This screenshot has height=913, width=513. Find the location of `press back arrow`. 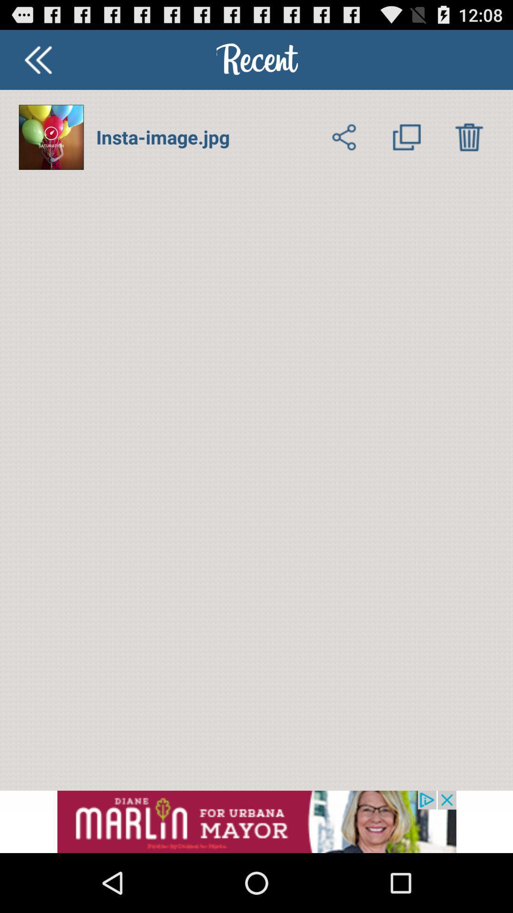

press back arrow is located at coordinates (38, 59).